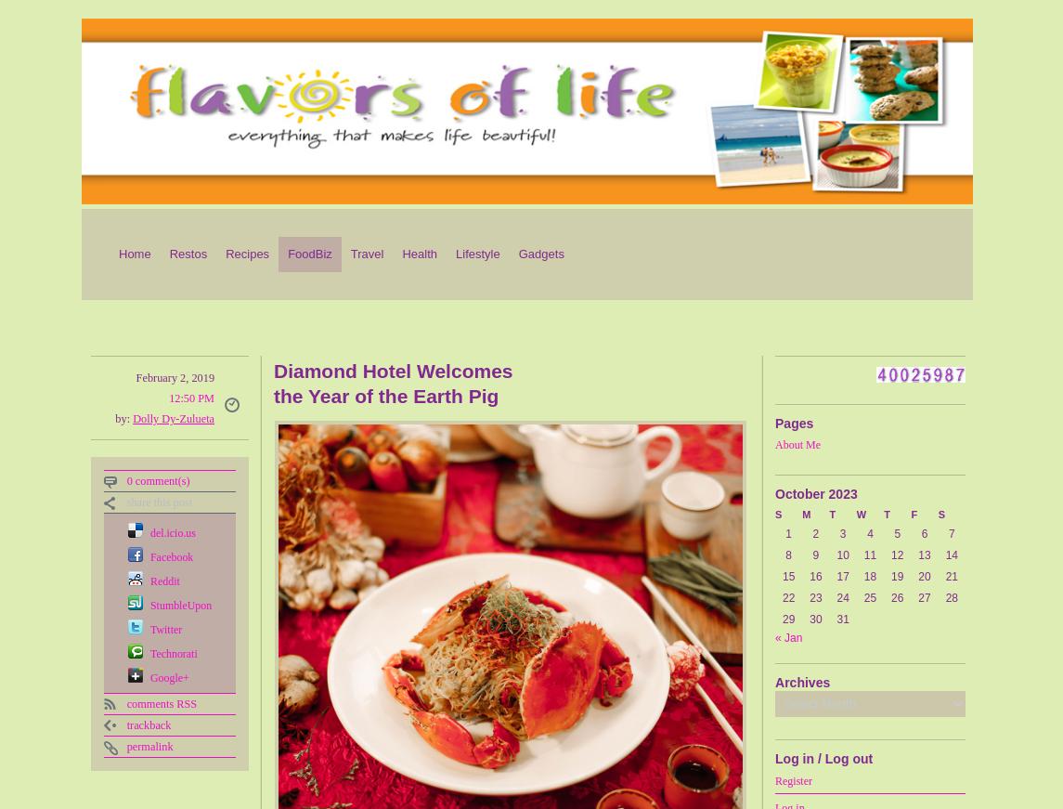 The image size is (1063, 809). What do you see at coordinates (788, 534) in the screenshot?
I see `'1'` at bounding box center [788, 534].